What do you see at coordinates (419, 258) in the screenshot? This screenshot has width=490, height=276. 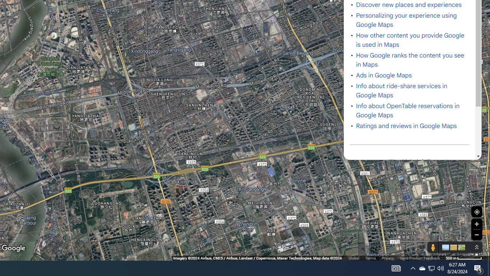 I see `'Send Product Feedback'` at bounding box center [419, 258].